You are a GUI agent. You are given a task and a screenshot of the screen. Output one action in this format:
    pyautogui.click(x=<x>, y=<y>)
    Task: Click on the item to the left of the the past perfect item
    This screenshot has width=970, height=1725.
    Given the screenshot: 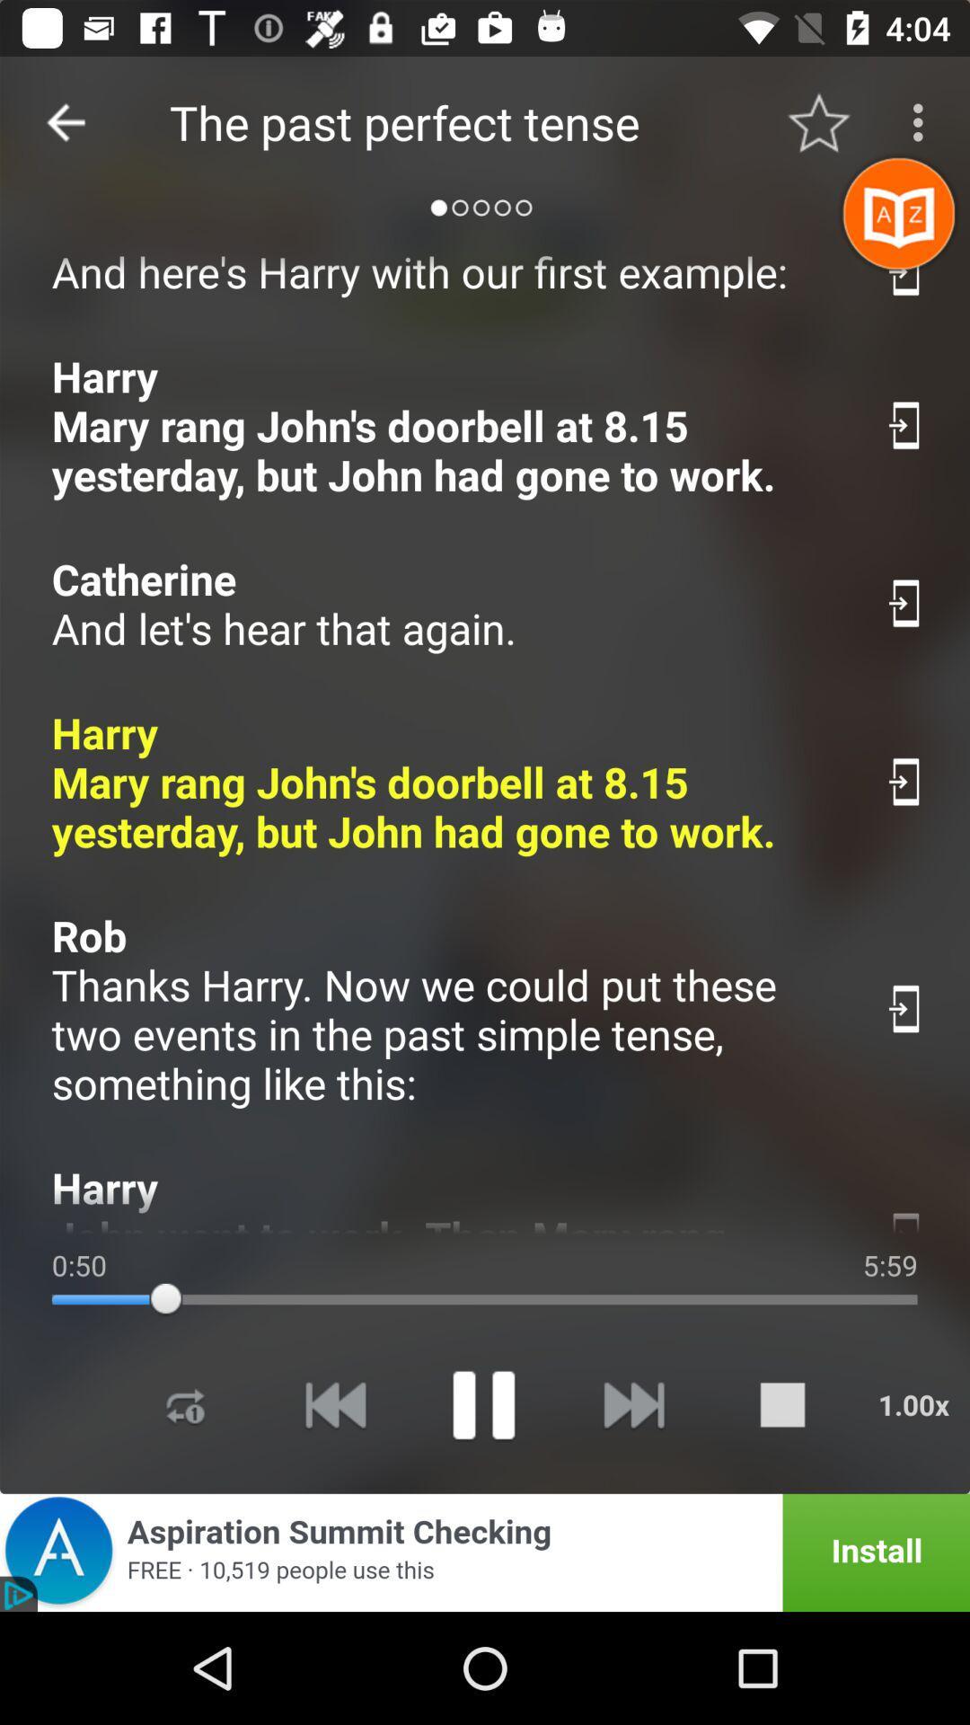 What is the action you would take?
    pyautogui.click(x=65, y=121)
    